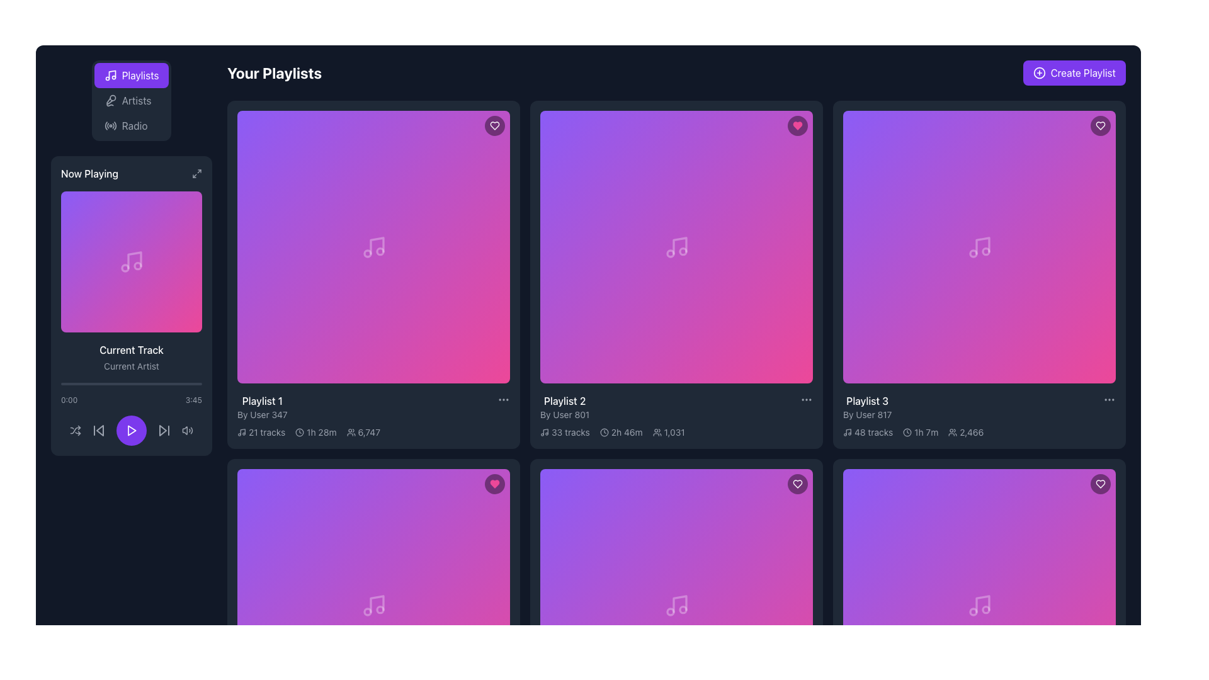  I want to click on the playback icon located at the center of the rightmost card in the top row of the playlists grid to trigger a tooltip or visual response, so click(979, 247).